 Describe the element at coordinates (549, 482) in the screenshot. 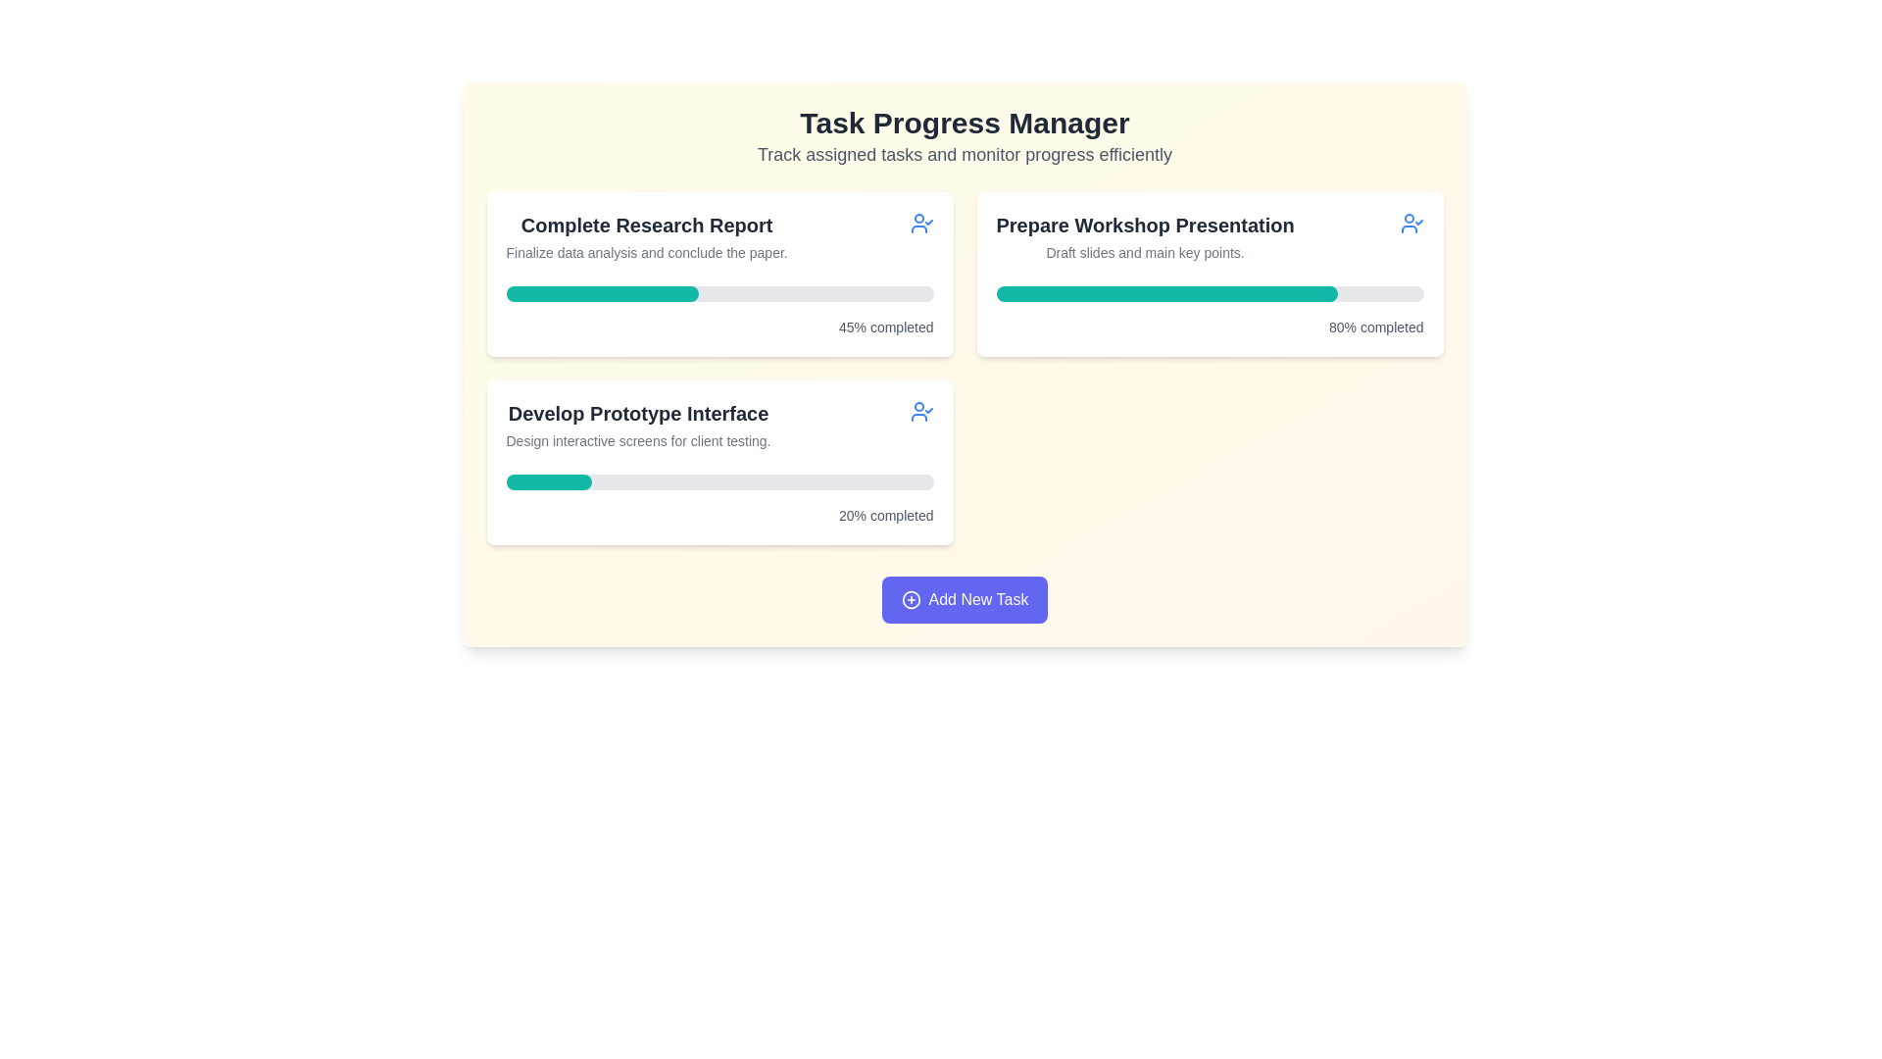

I see `the progress bar indicator that represents a 20% completion level, located within the second card from the top on the left side of the interface` at that location.